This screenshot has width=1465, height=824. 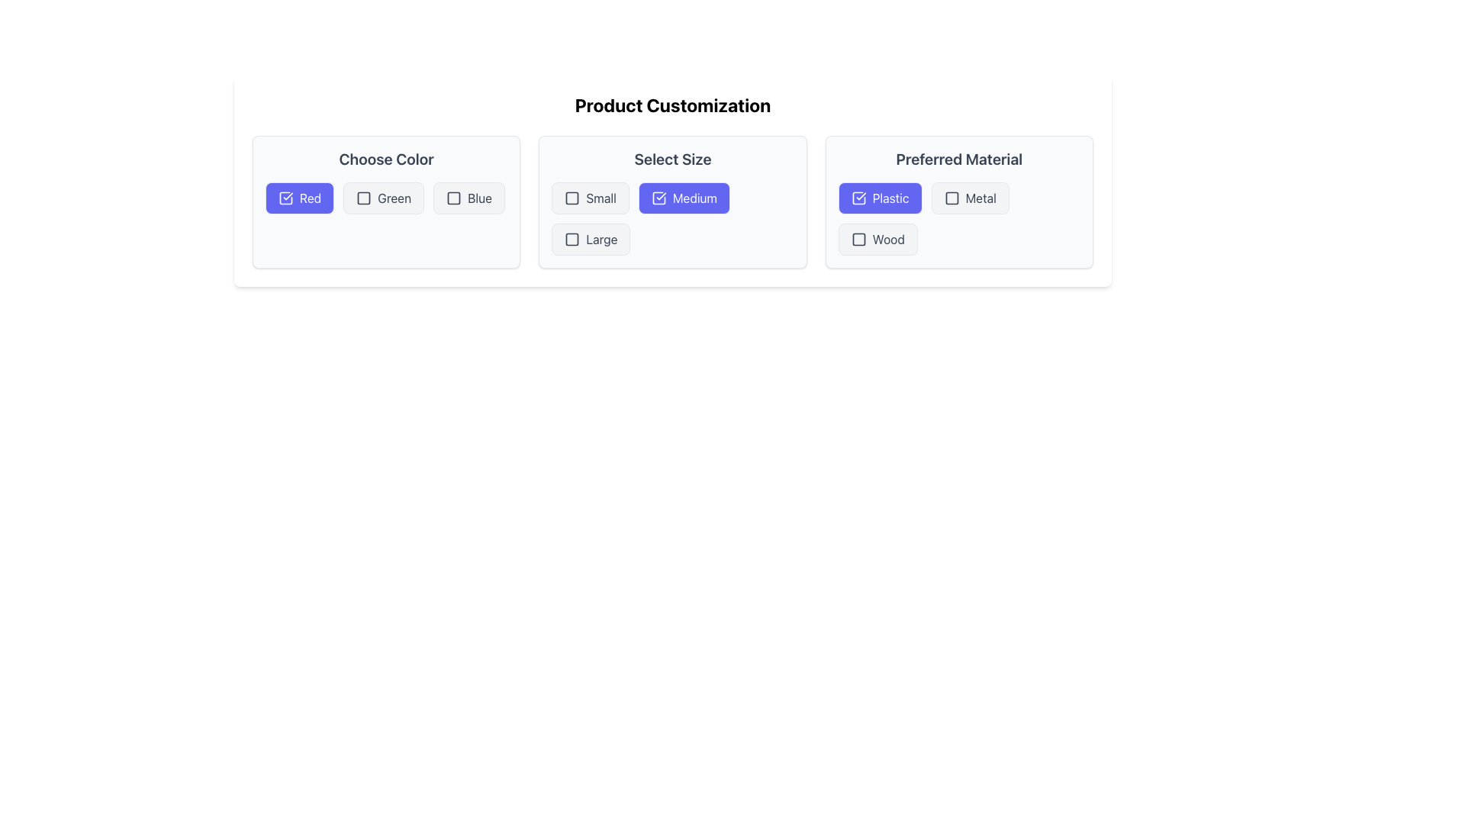 What do you see at coordinates (384, 197) in the screenshot?
I see `the selectable button for the color 'Green' in the 'Choose Color' category` at bounding box center [384, 197].